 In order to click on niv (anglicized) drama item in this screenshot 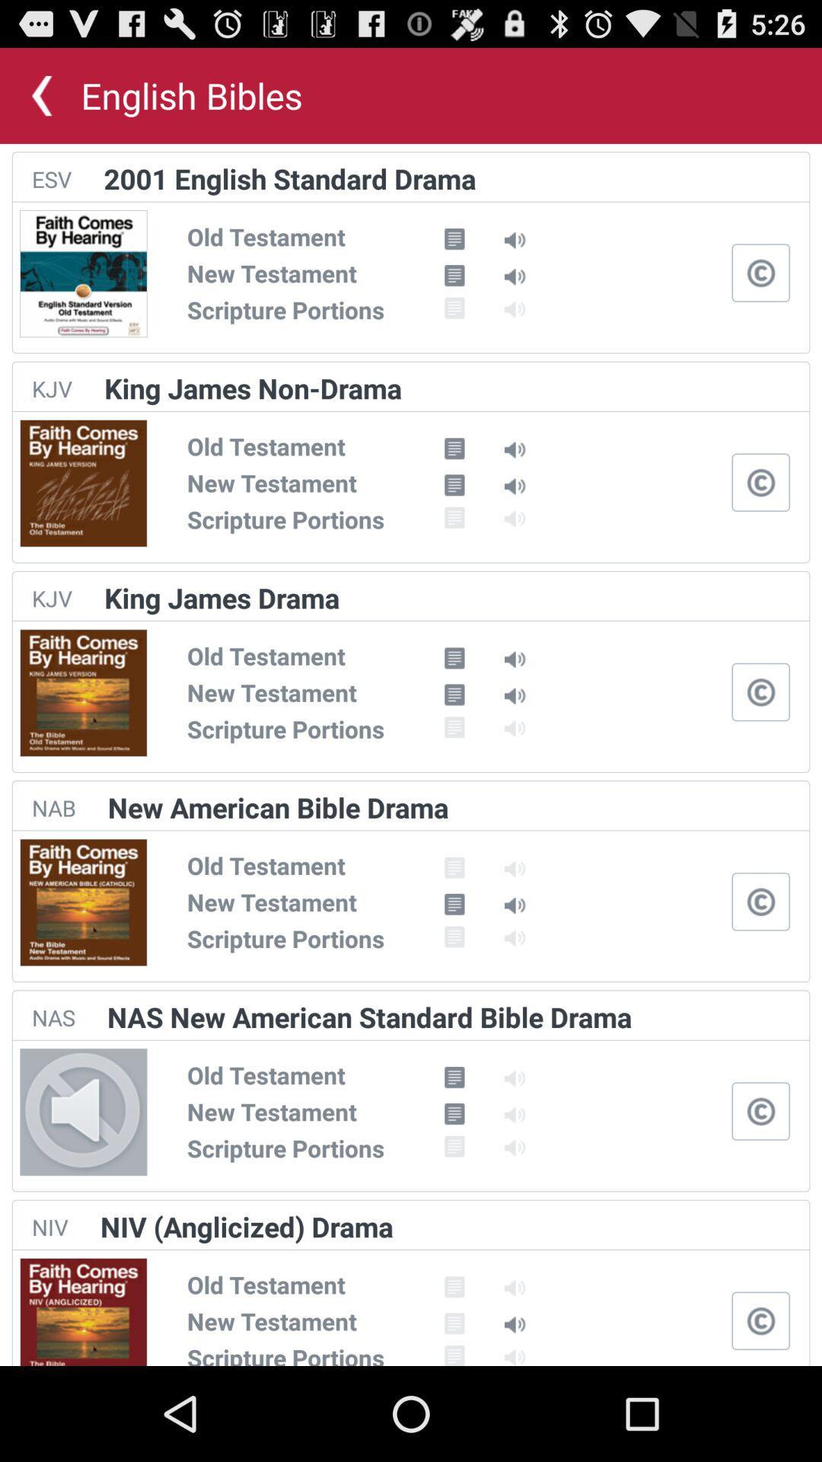, I will do `click(246, 1227)`.